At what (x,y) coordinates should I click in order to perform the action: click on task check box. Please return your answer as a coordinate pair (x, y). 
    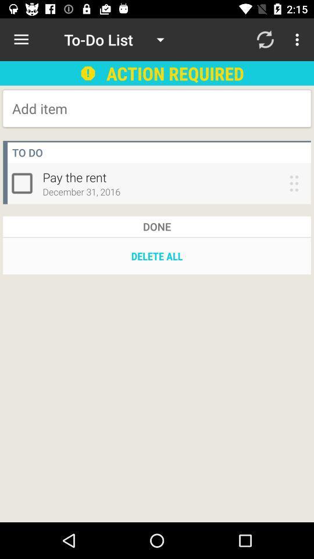
    Looking at the image, I should click on (24, 183).